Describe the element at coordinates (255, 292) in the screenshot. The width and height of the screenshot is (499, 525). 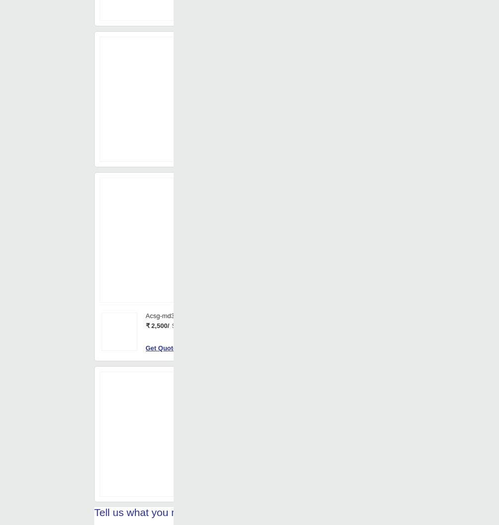
I see `'₹ 20,000/'` at that location.